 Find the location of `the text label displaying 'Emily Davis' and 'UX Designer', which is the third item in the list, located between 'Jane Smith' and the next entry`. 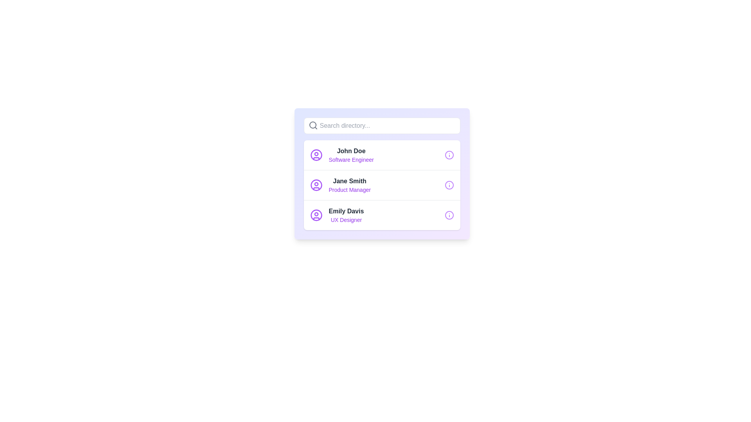

the text label displaying 'Emily Davis' and 'UX Designer', which is the third item in the list, located between 'Jane Smith' and the next entry is located at coordinates (346, 215).